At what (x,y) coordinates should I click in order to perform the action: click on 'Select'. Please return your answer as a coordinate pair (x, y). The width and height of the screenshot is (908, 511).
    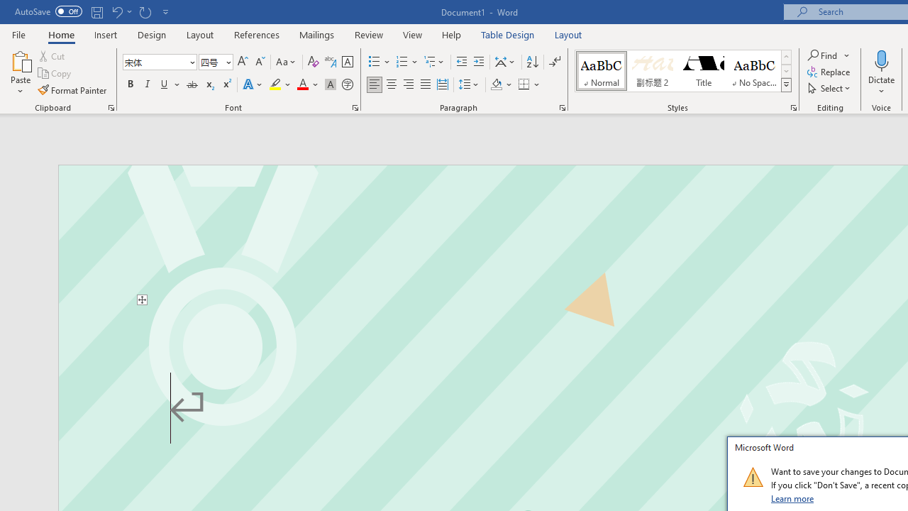
    Looking at the image, I should click on (830, 88).